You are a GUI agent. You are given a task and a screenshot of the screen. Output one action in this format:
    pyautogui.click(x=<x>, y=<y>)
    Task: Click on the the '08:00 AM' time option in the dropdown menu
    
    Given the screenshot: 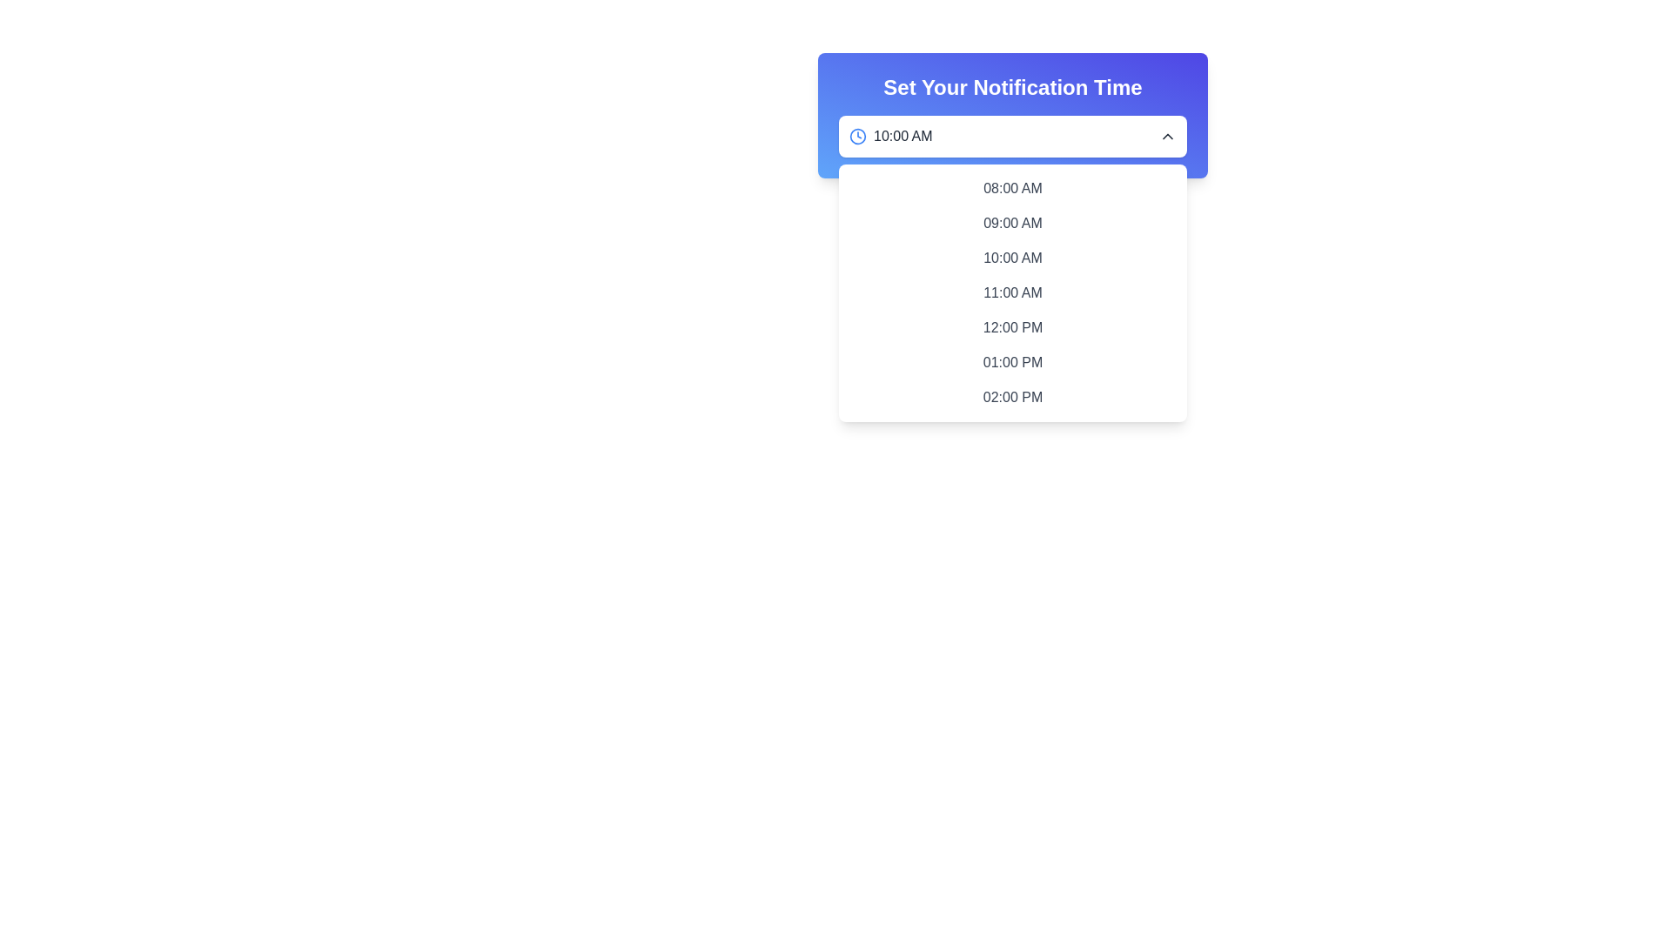 What is the action you would take?
    pyautogui.click(x=1012, y=188)
    